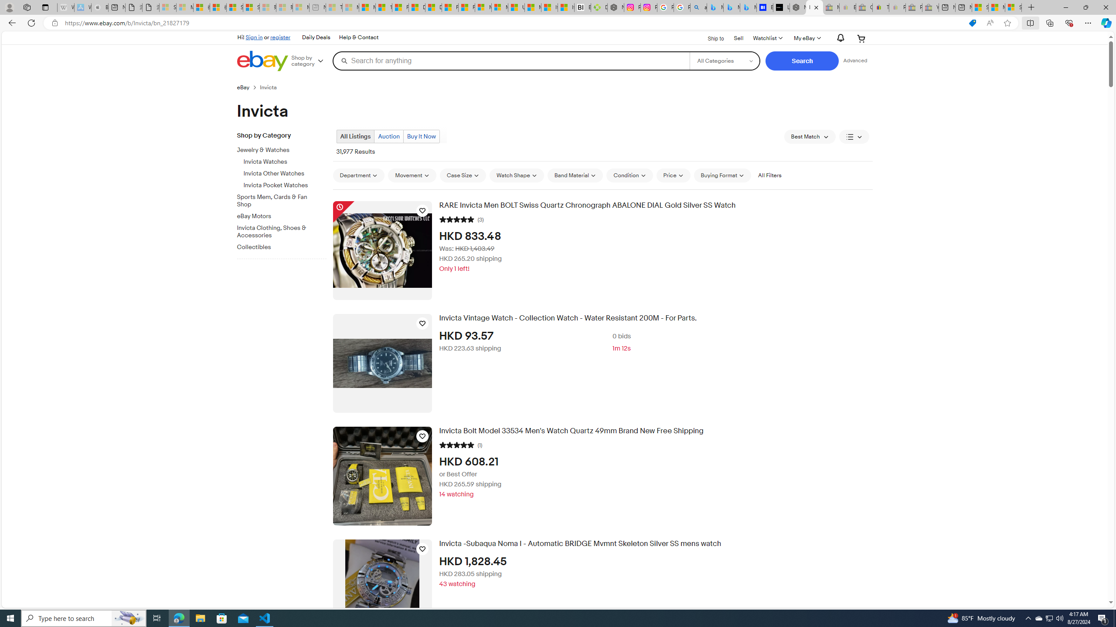 The image size is (1116, 627). Describe the element at coordinates (861, 38) in the screenshot. I see `'Expand Cart'` at that location.